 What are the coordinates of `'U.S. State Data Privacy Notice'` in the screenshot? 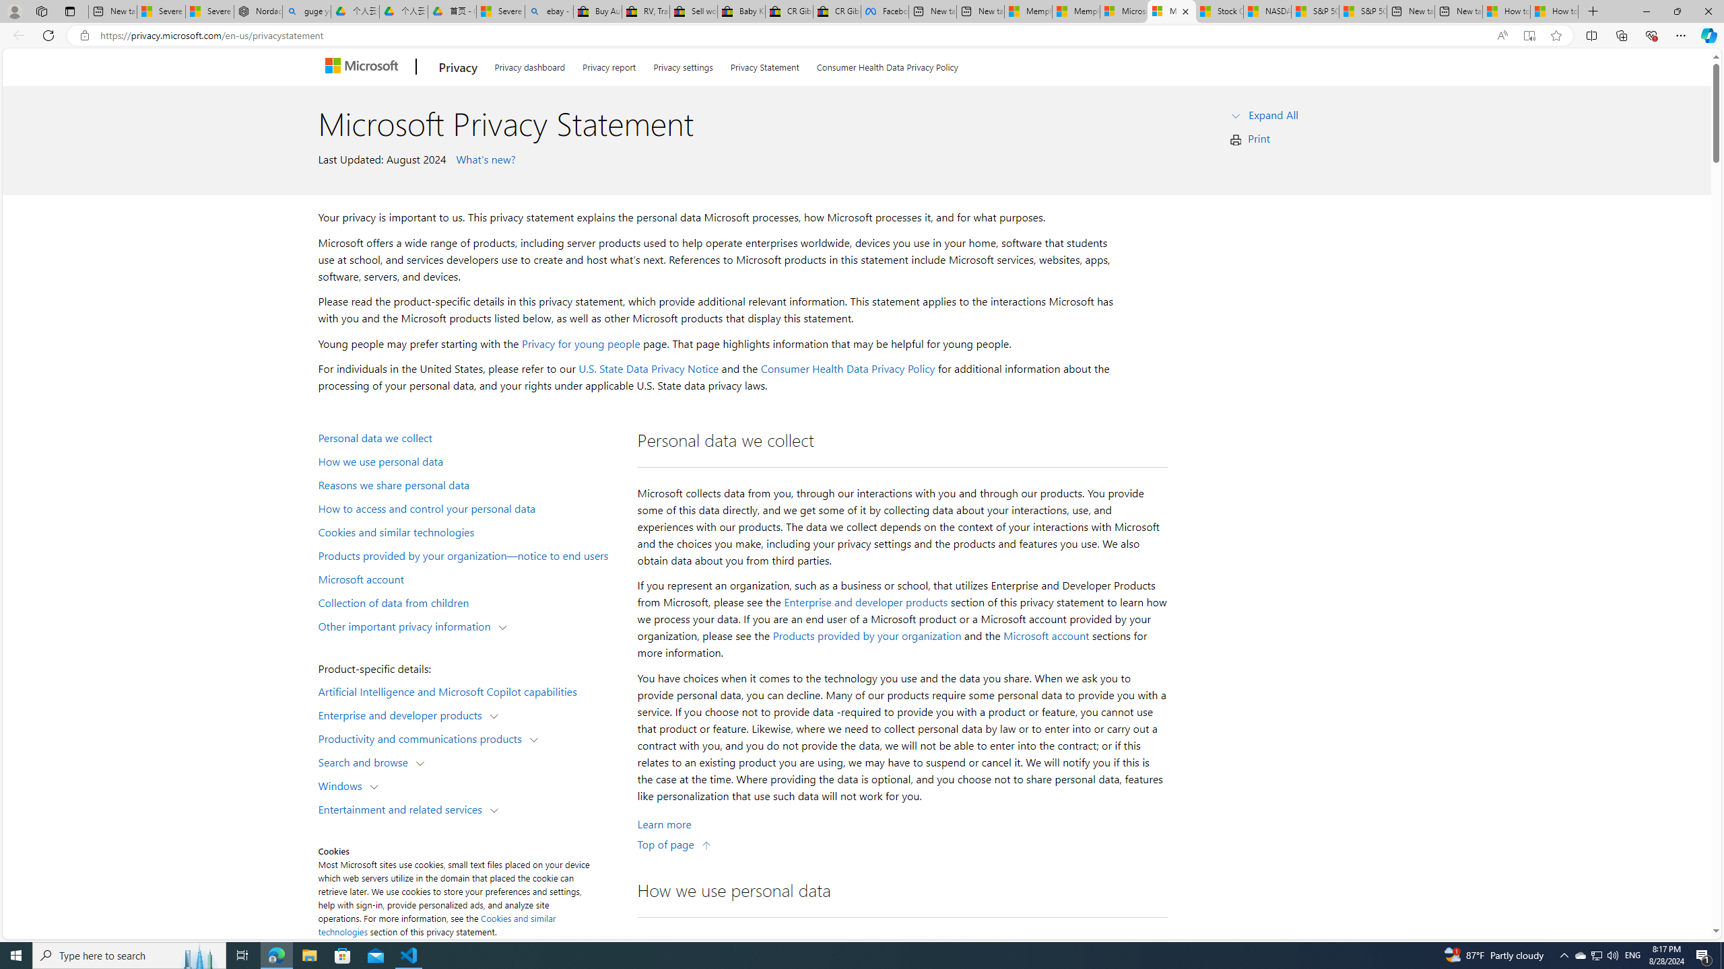 It's located at (648, 368).